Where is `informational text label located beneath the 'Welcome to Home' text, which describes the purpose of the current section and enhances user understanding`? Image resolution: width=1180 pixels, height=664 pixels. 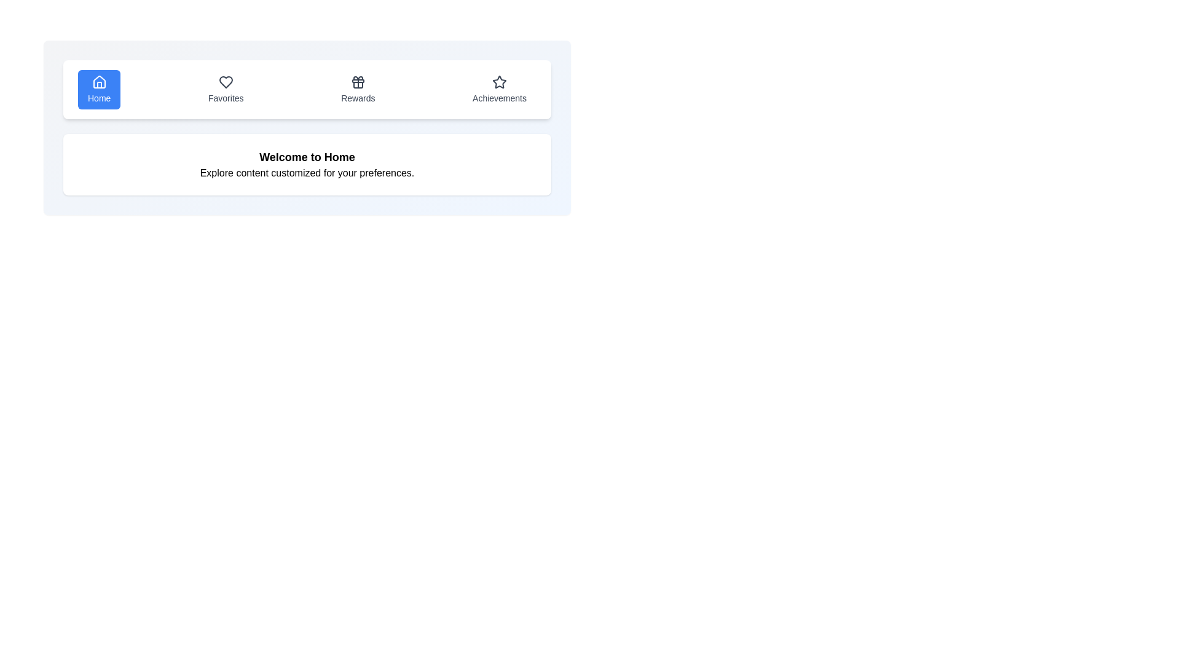
informational text label located beneath the 'Welcome to Home' text, which describes the purpose of the current section and enhances user understanding is located at coordinates (307, 173).